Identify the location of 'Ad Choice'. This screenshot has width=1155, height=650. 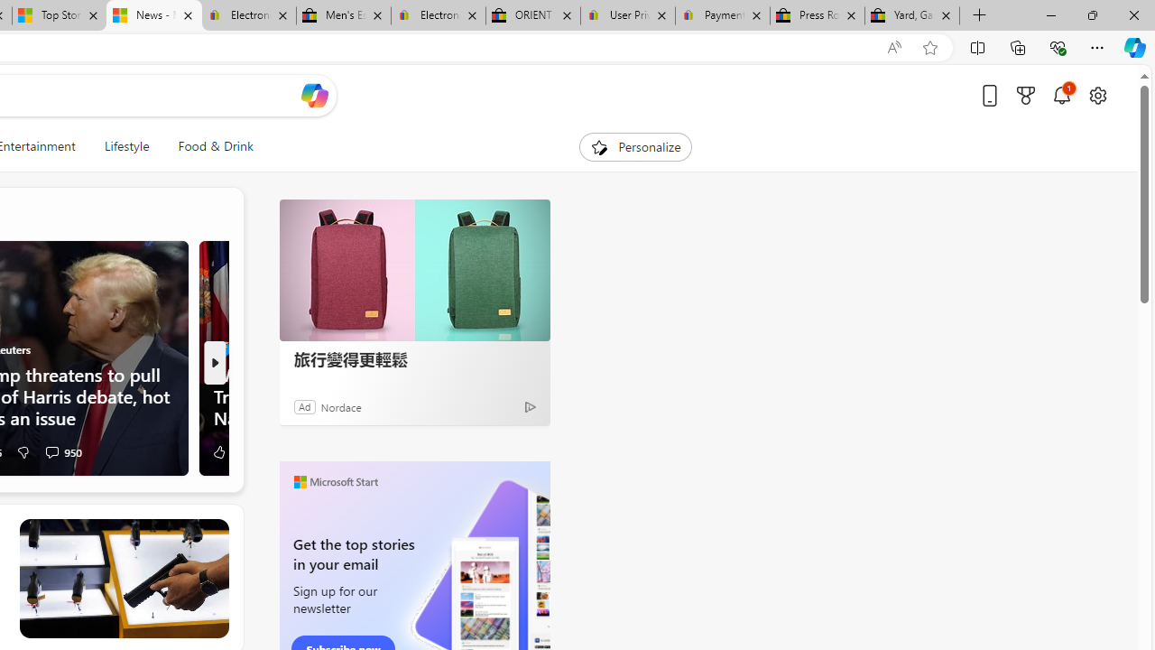
(530, 406).